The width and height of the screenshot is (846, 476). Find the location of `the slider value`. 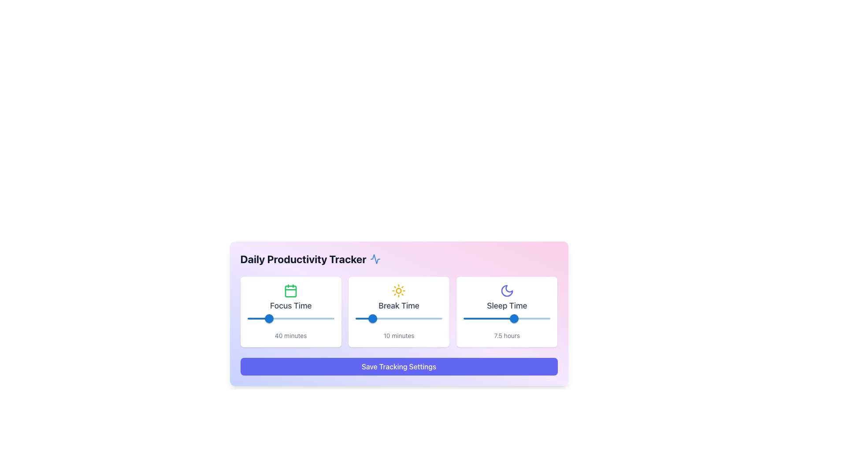

the slider value is located at coordinates (484, 318).